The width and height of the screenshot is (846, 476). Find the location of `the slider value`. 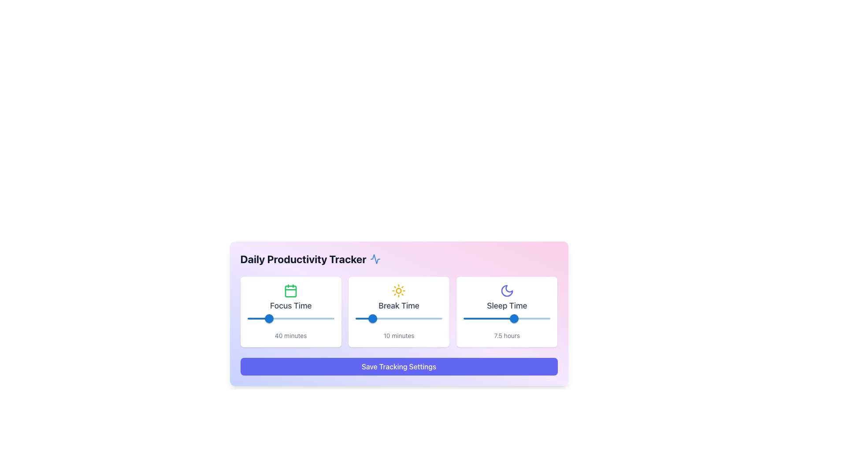

the slider value is located at coordinates (484, 318).